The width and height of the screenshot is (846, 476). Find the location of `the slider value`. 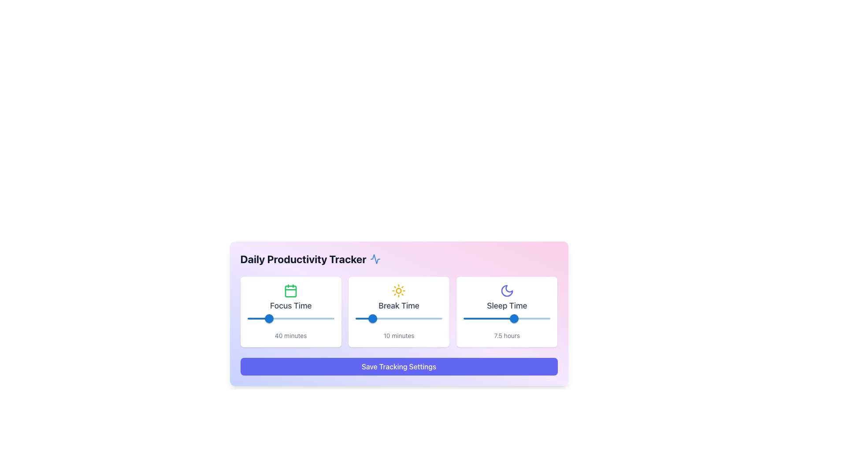

the slider value is located at coordinates (484, 318).